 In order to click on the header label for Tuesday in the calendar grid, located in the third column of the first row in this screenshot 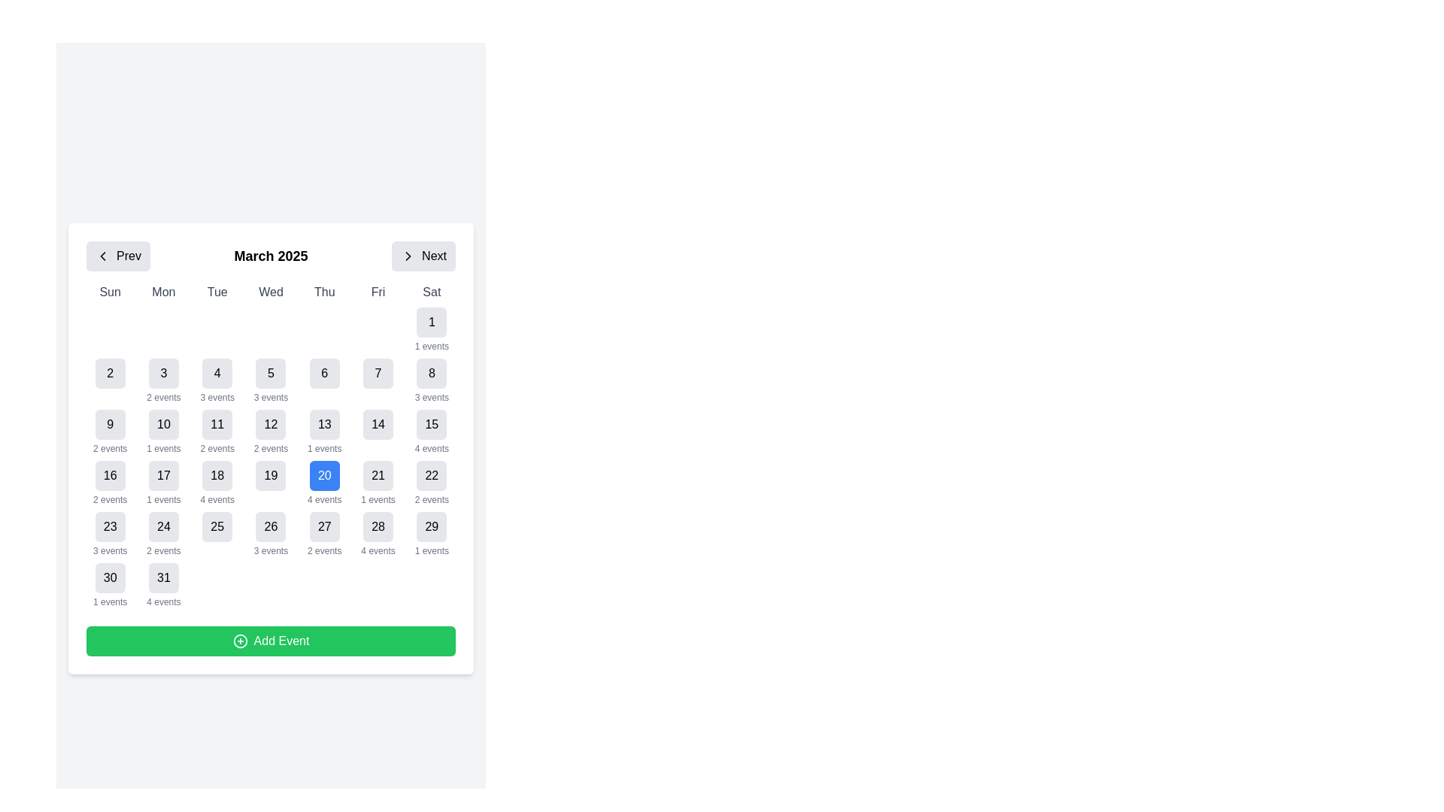, I will do `click(217, 292)`.